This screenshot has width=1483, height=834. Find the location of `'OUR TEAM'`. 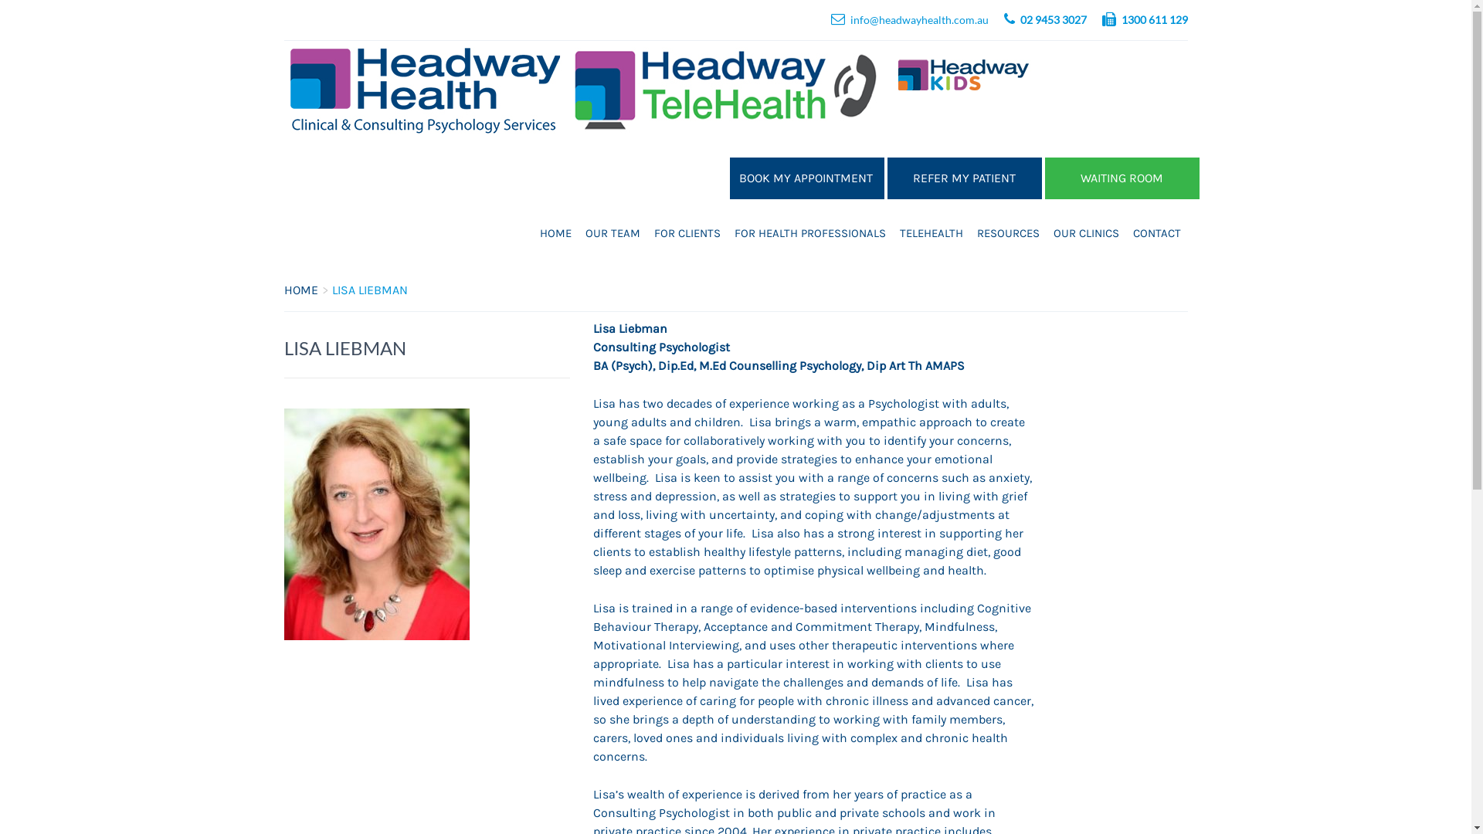

'OUR TEAM' is located at coordinates (611, 232).